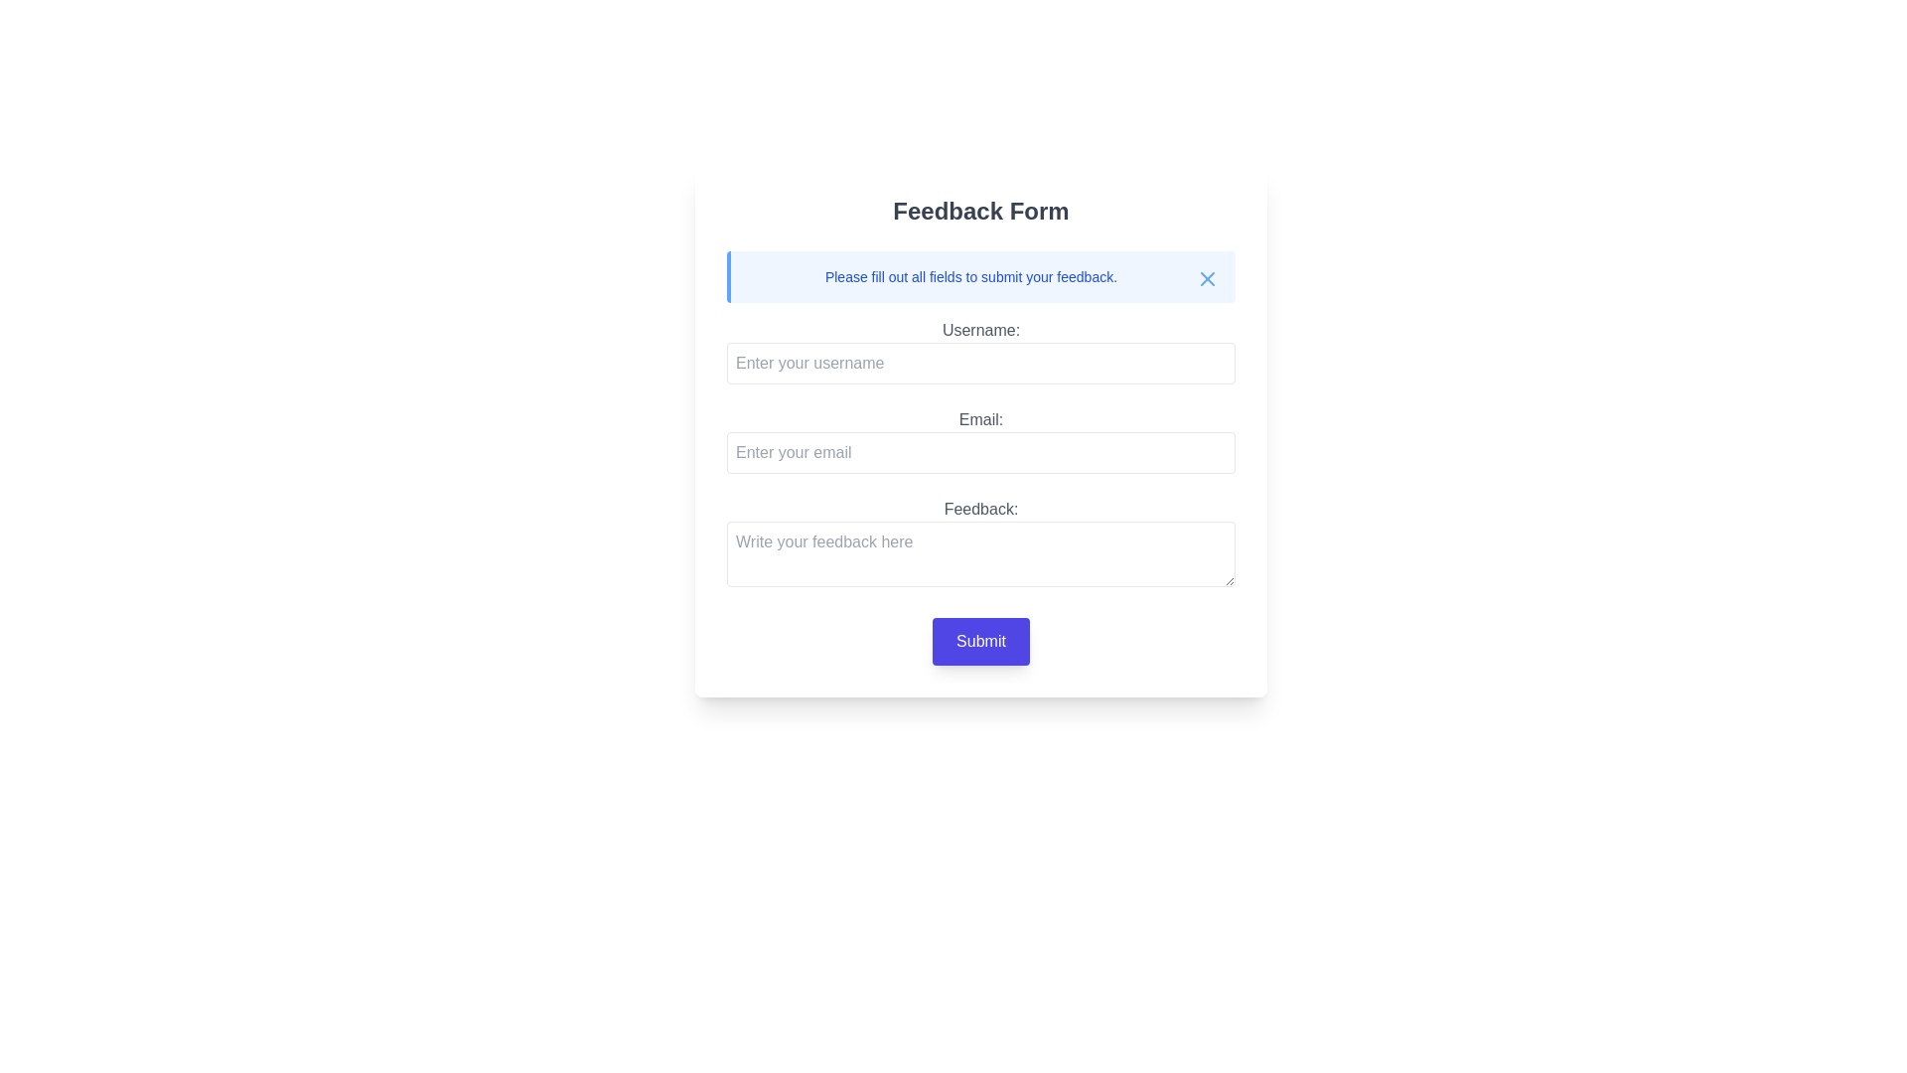 Image resolution: width=1907 pixels, height=1073 pixels. Describe the element at coordinates (982, 276) in the screenshot. I see `informational text that says, 'Please fill out all fields to submit your feedback.' which is styled with a small font size and blue color, located in the notification box below the 'Feedback Form' heading` at that location.